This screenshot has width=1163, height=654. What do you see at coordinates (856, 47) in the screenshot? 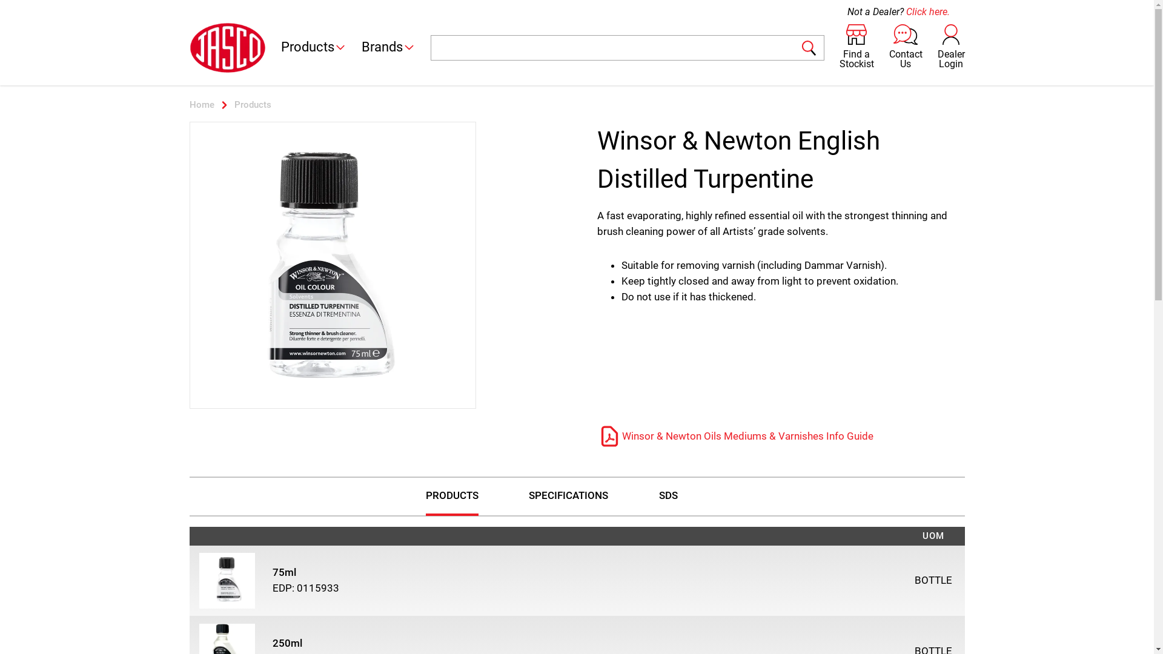
I see `'Find a` at bounding box center [856, 47].